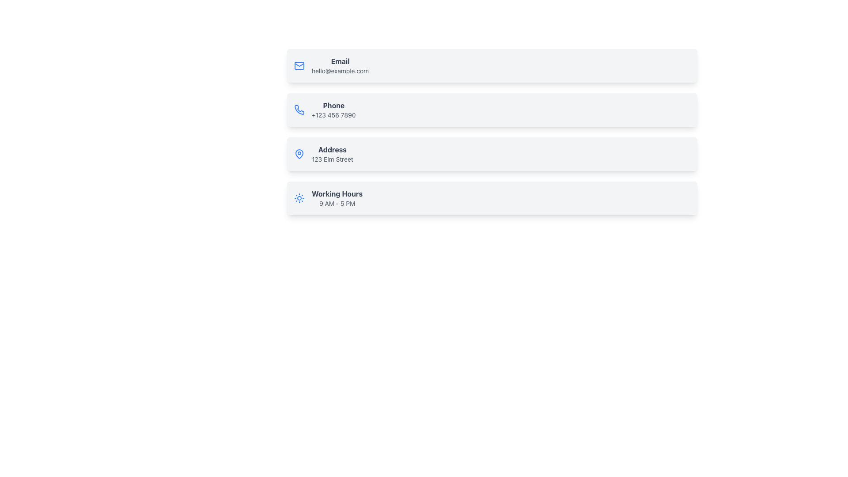  Describe the element at coordinates (299, 65) in the screenshot. I see `the mail icon with rounded edges and a blue outline located at the top-left corner of the Email section, to the left of the 'Email' label` at that location.